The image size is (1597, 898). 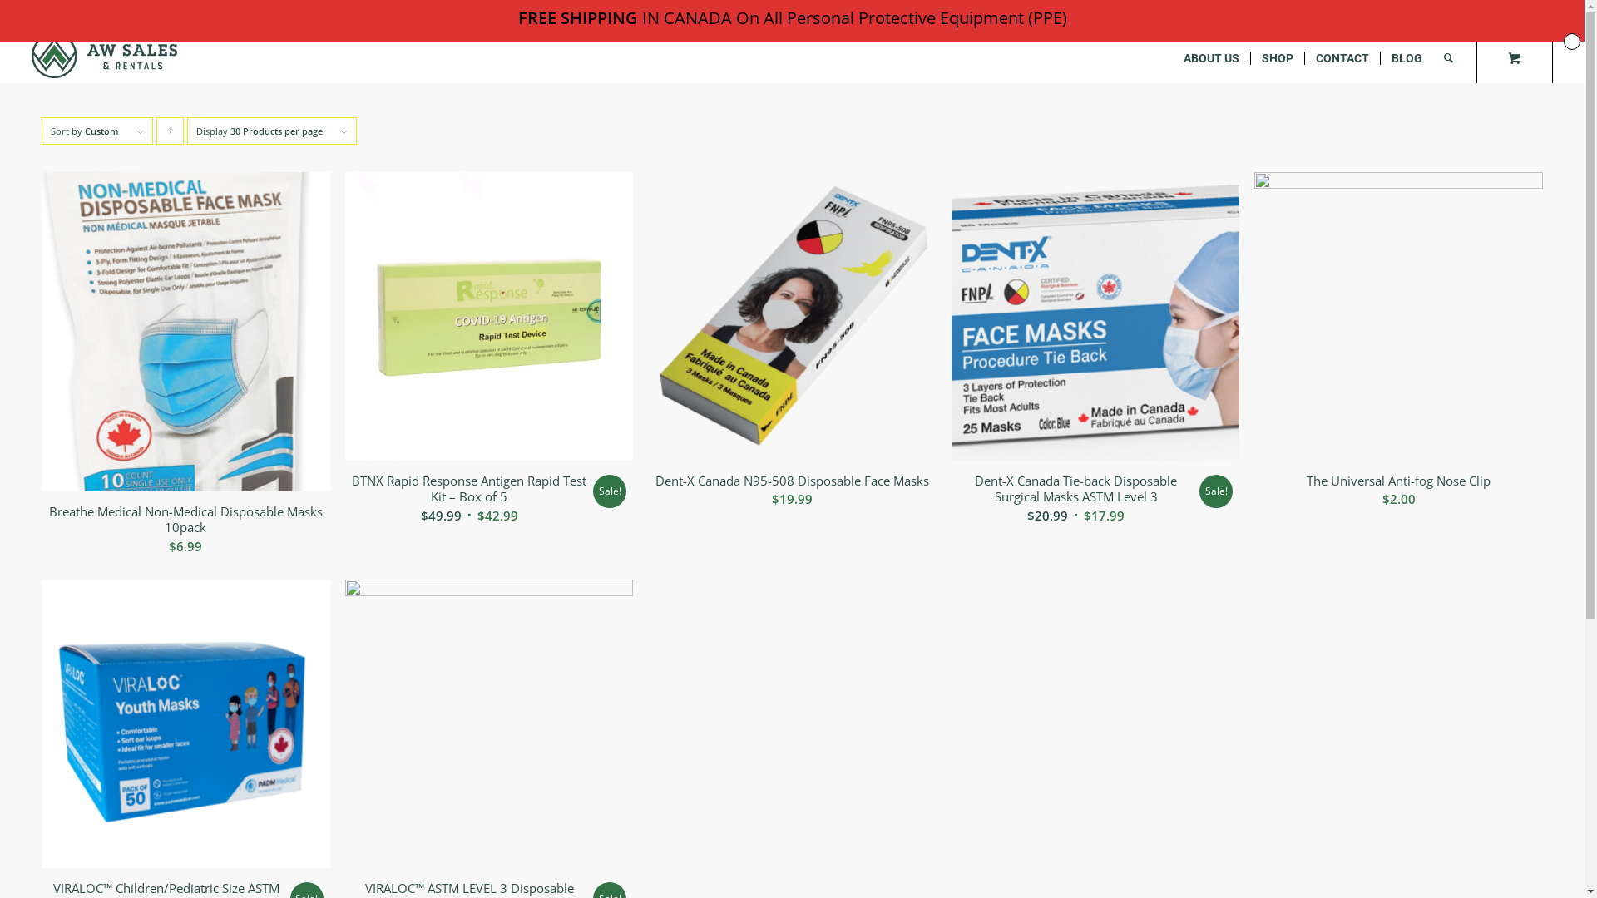 What do you see at coordinates (1380, 57) in the screenshot?
I see `'BLOG'` at bounding box center [1380, 57].